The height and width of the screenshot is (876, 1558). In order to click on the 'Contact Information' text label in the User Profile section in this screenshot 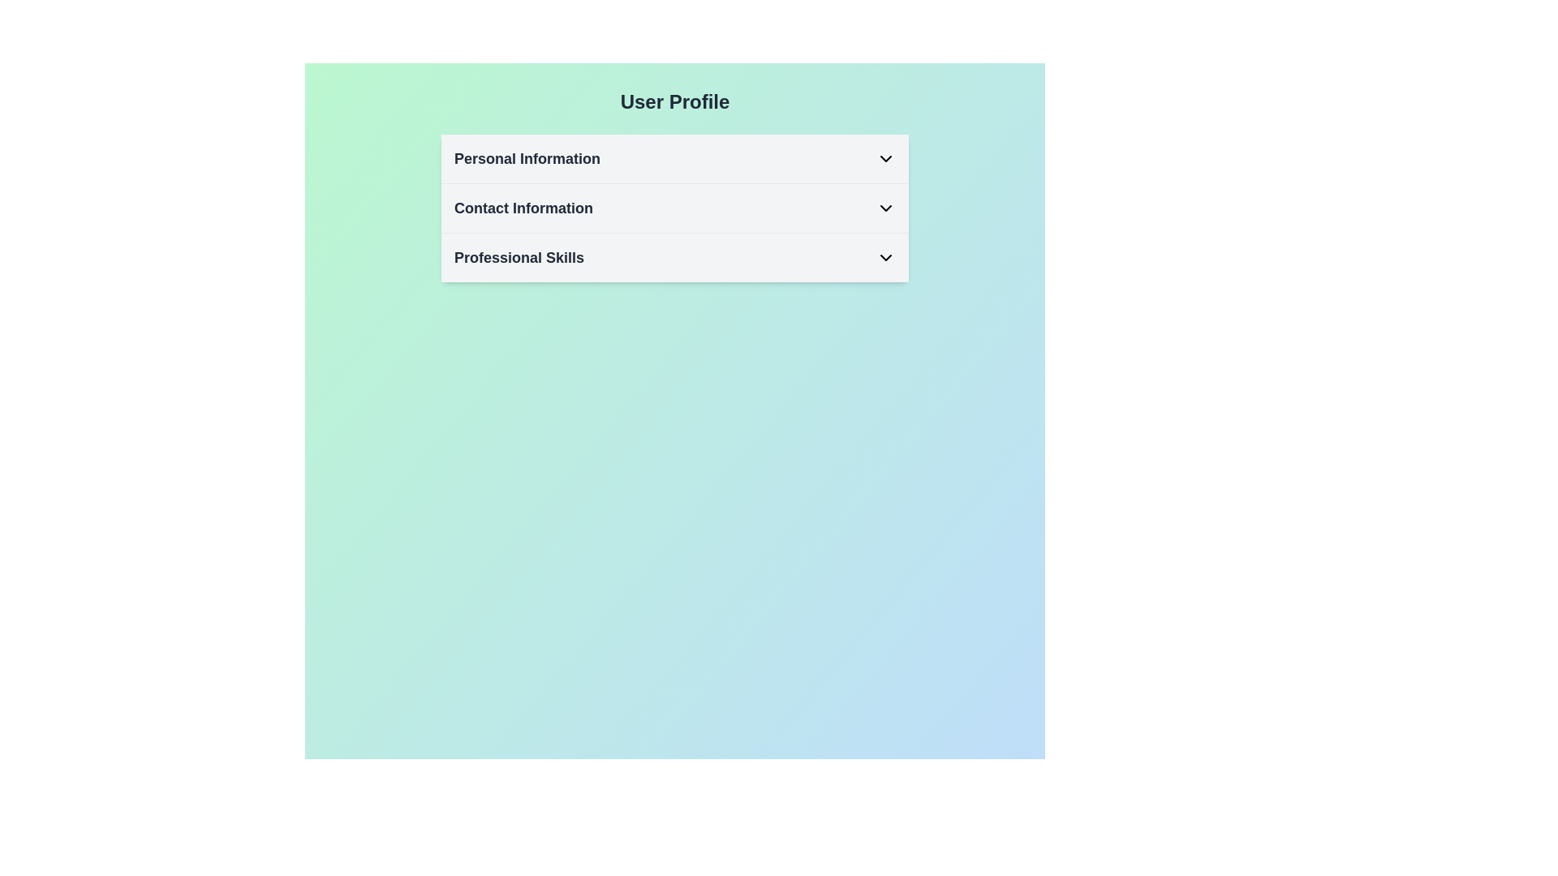, I will do `click(523, 208)`.